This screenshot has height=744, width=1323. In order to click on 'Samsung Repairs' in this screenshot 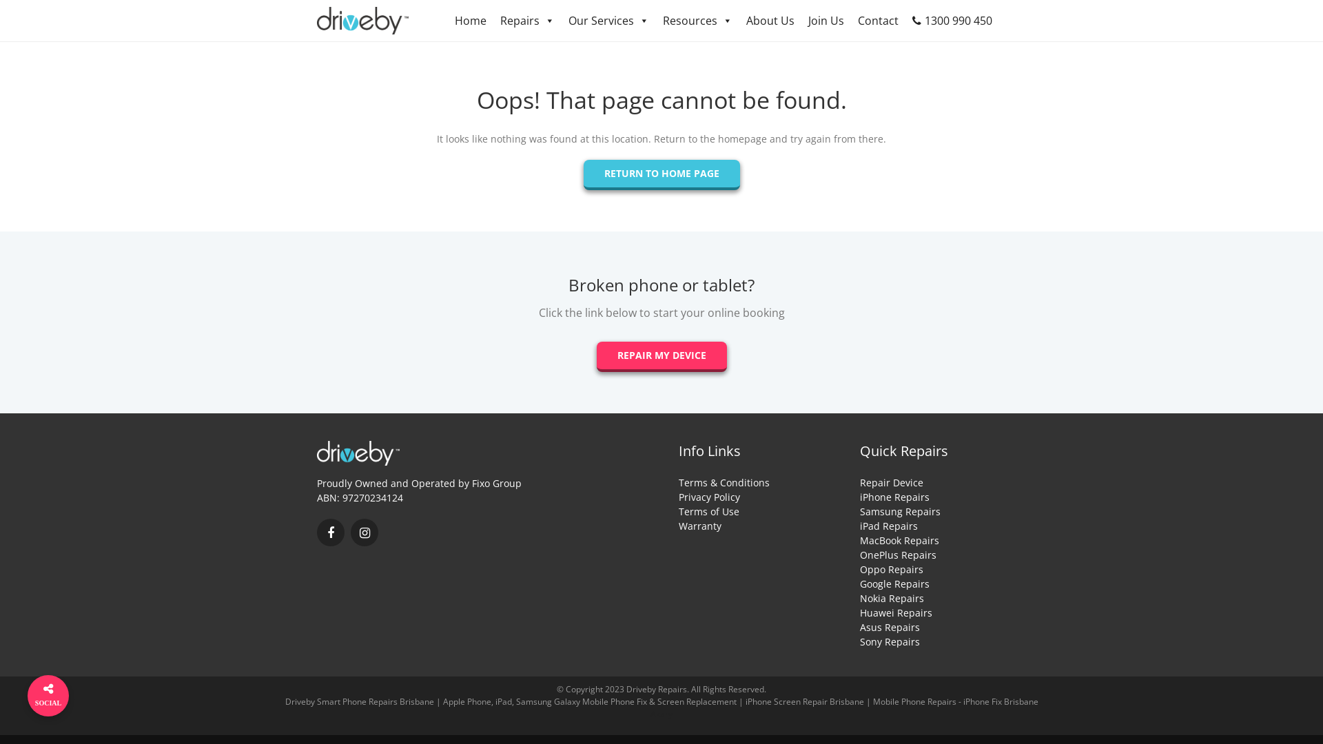, I will do `click(900, 511)`.